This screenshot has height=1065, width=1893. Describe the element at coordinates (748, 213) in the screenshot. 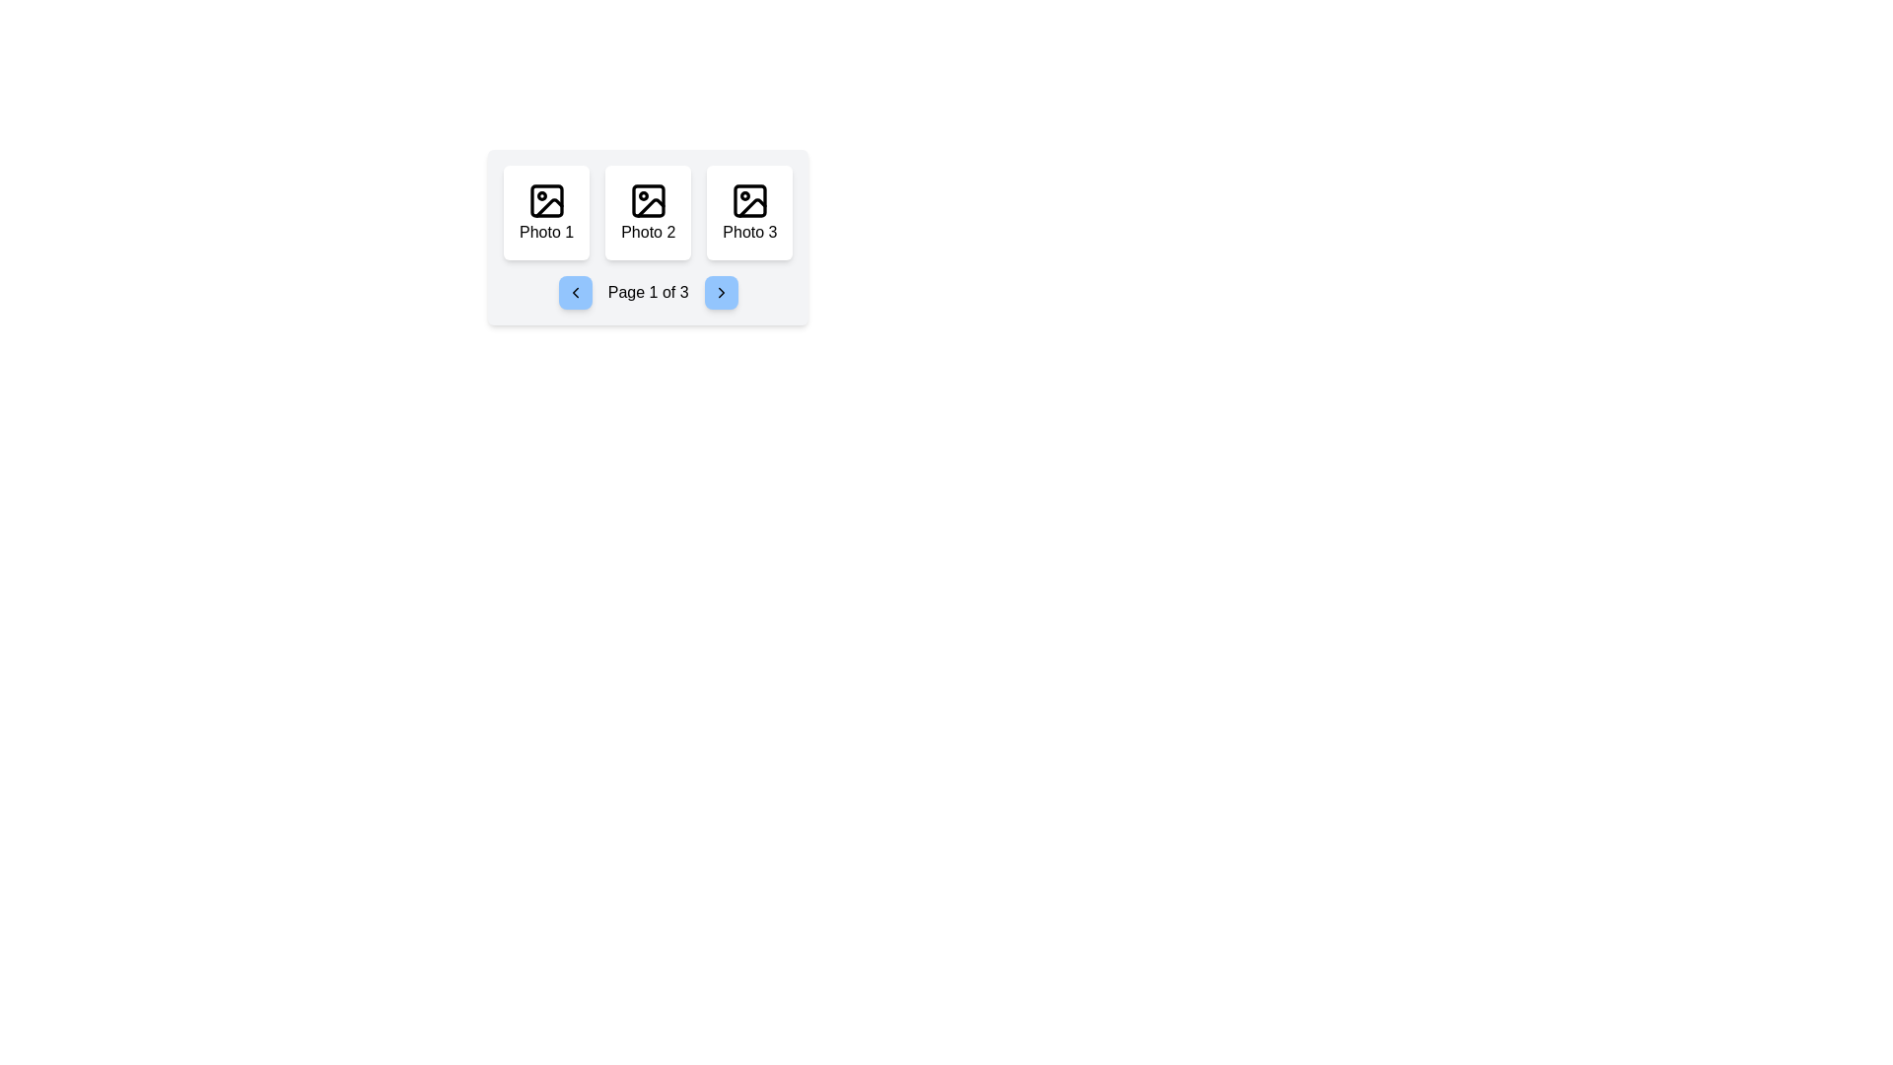

I see `the rightmost card in the grid layout, which has a white background, rounded corners, a black image icon, and the text 'Photo 3'` at that location.